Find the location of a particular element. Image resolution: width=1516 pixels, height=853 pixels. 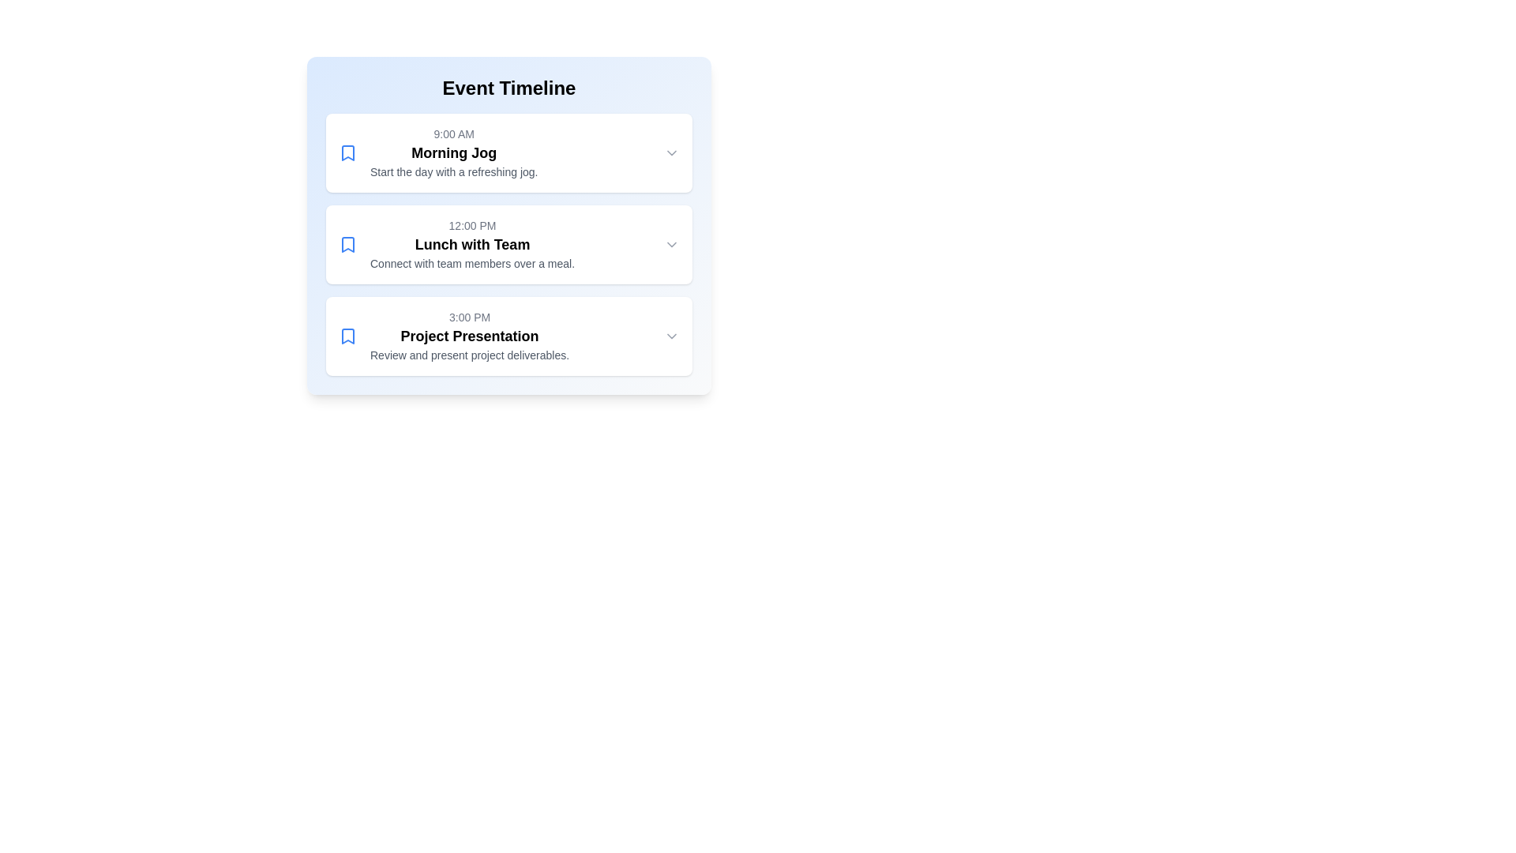

the icon located at the left edge of the tile for the '9:00 AM Morning Jog' entry in the 'Event Timeline' is located at coordinates (347, 152).